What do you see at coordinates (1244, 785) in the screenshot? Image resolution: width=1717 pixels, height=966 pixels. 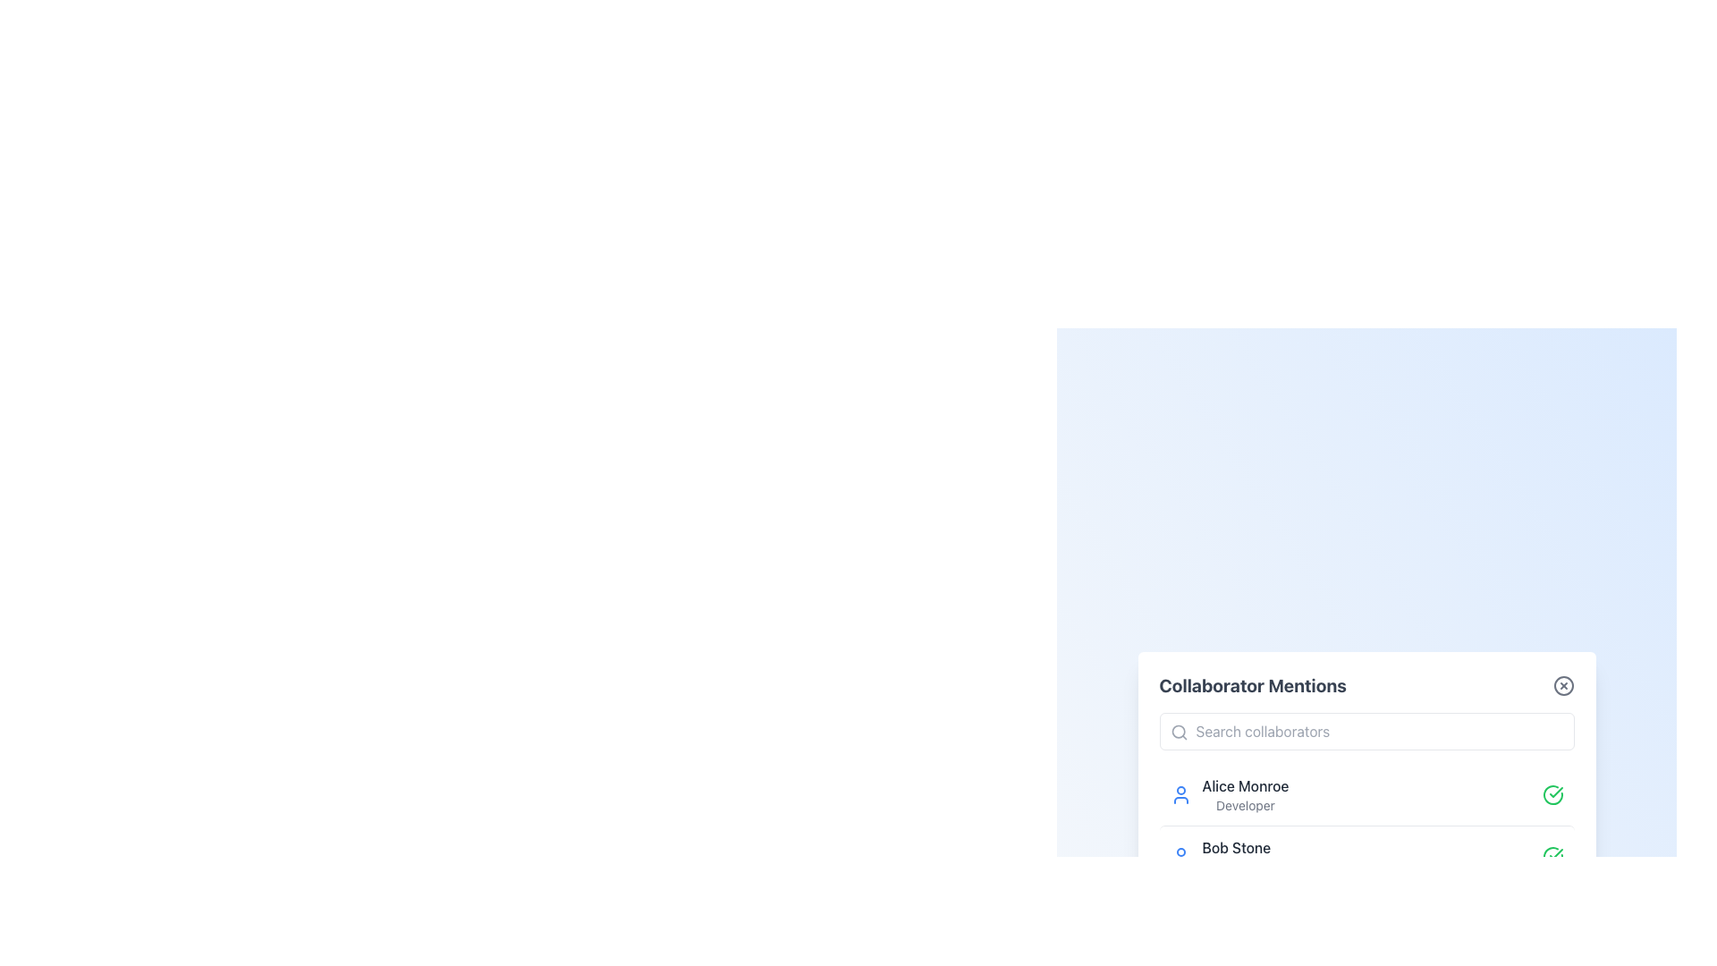 I see `the text display element that shows 'Alice Monroe'` at bounding box center [1244, 785].